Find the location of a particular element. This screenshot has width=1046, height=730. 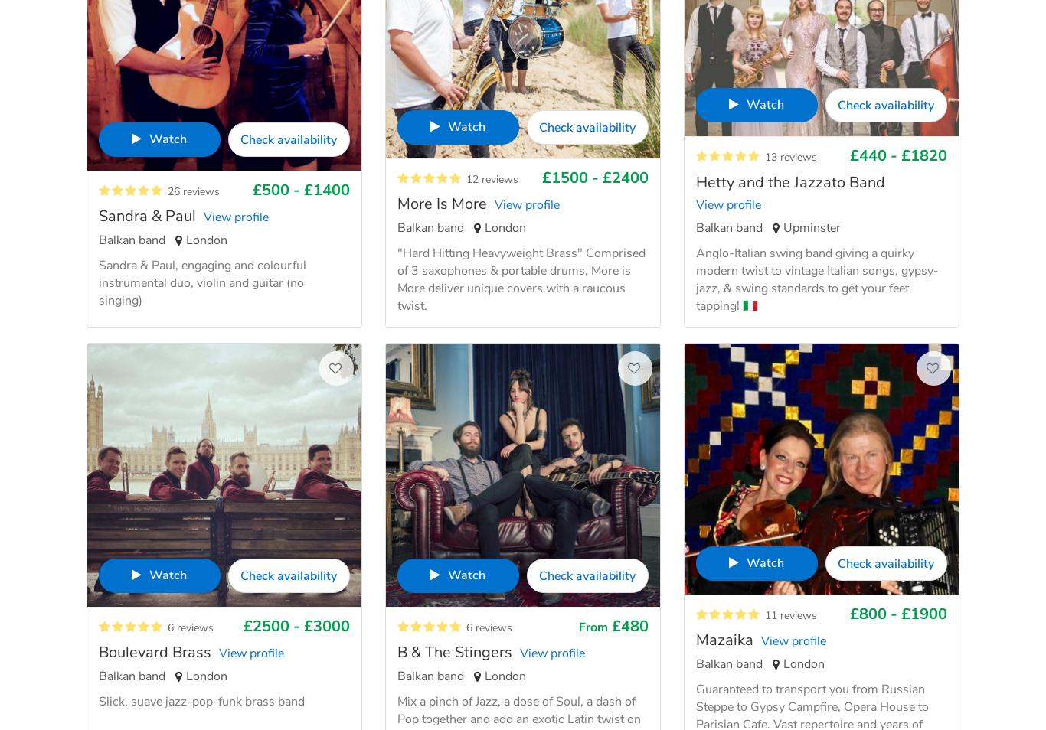

'£800 - £1900' is located at coordinates (898, 613).